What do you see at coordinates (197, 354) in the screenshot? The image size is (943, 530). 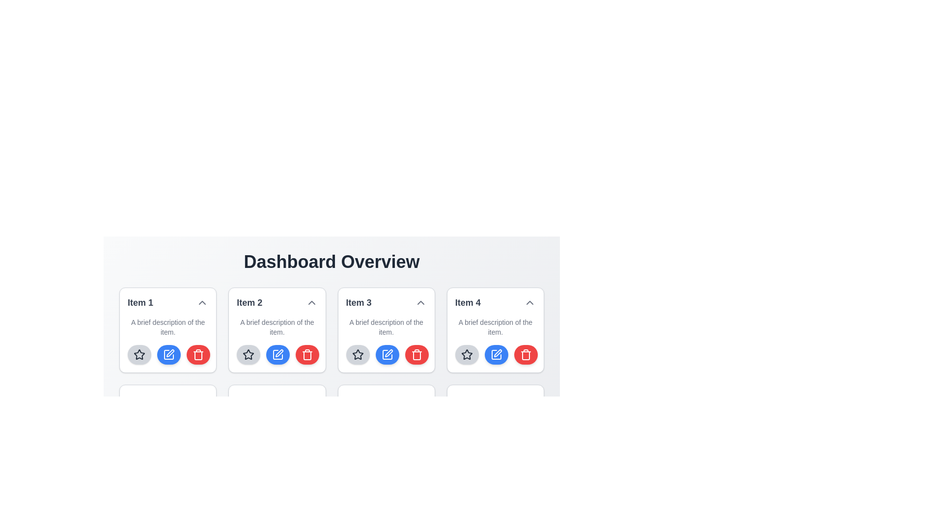 I see `the trash icon button located at the bottom center of the second card labeled 'Item 2'` at bounding box center [197, 354].